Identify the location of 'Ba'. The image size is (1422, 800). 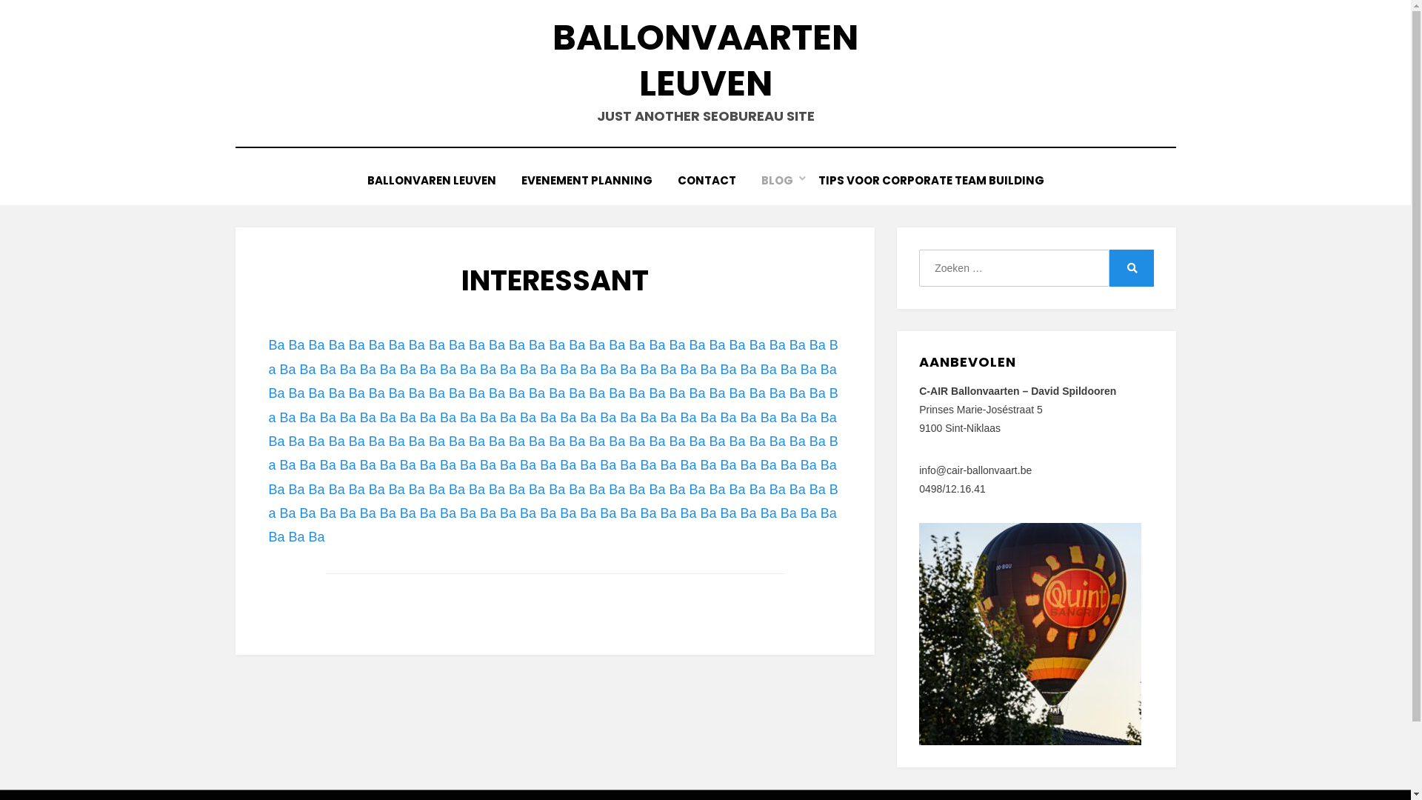
(427, 417).